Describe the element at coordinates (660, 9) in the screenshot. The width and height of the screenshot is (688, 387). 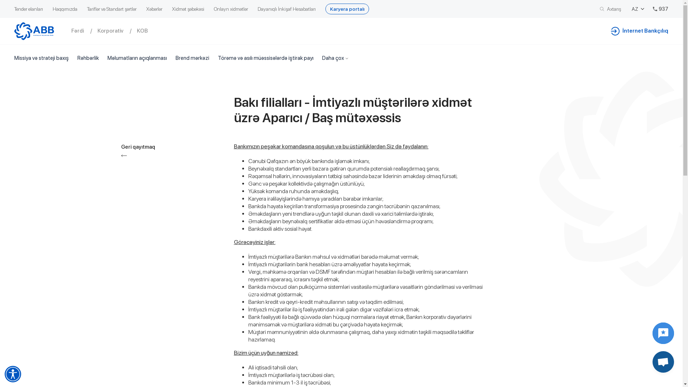
I see `'937'` at that location.